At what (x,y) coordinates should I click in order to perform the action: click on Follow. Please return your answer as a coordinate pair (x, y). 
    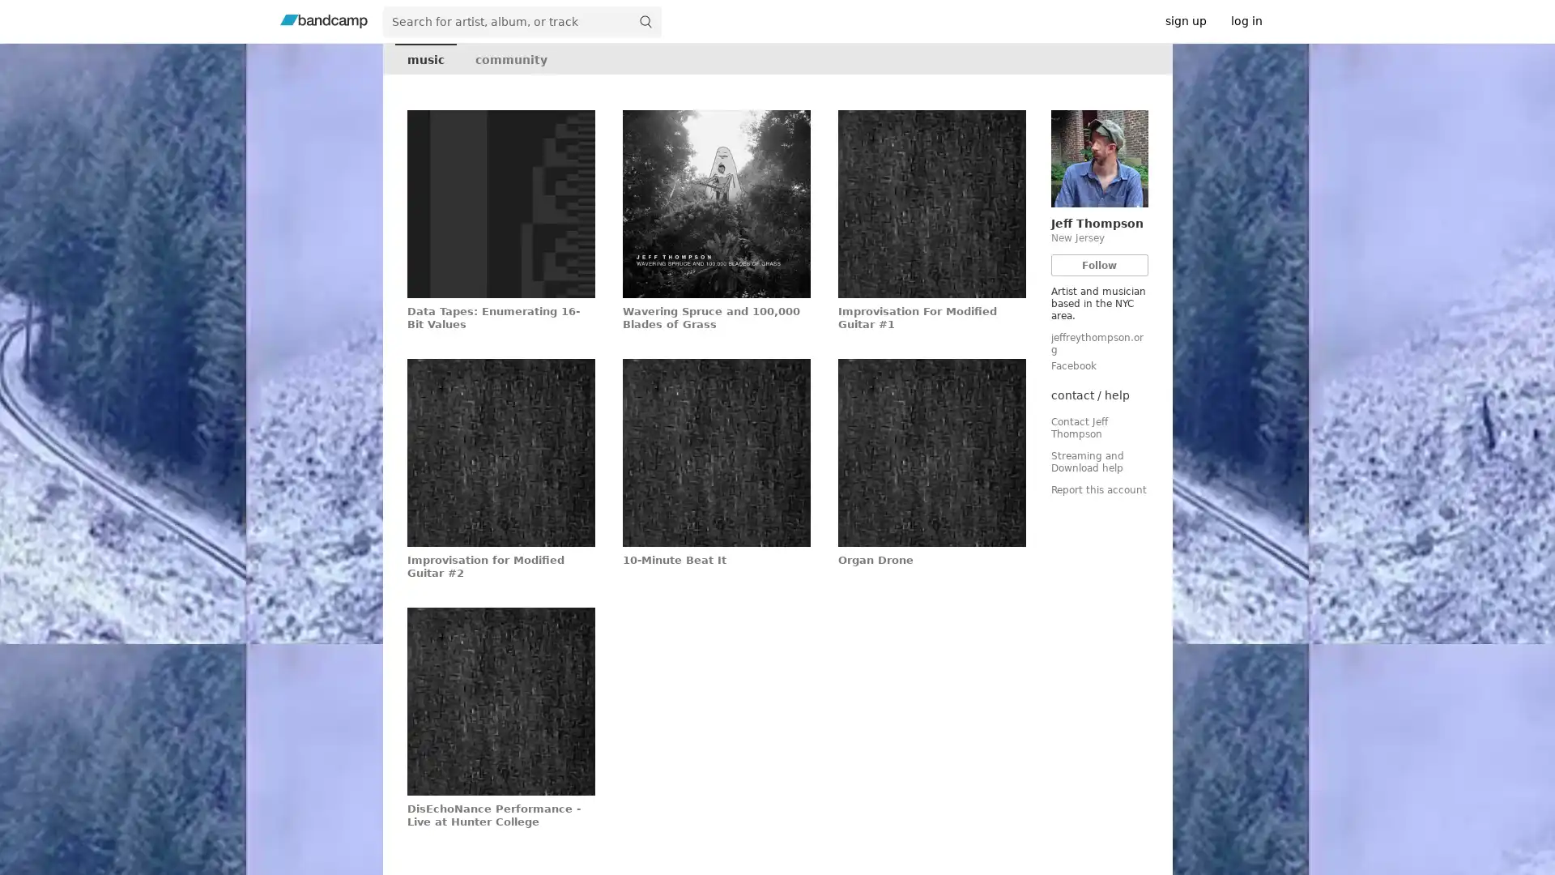
    Looking at the image, I should click on (1099, 264).